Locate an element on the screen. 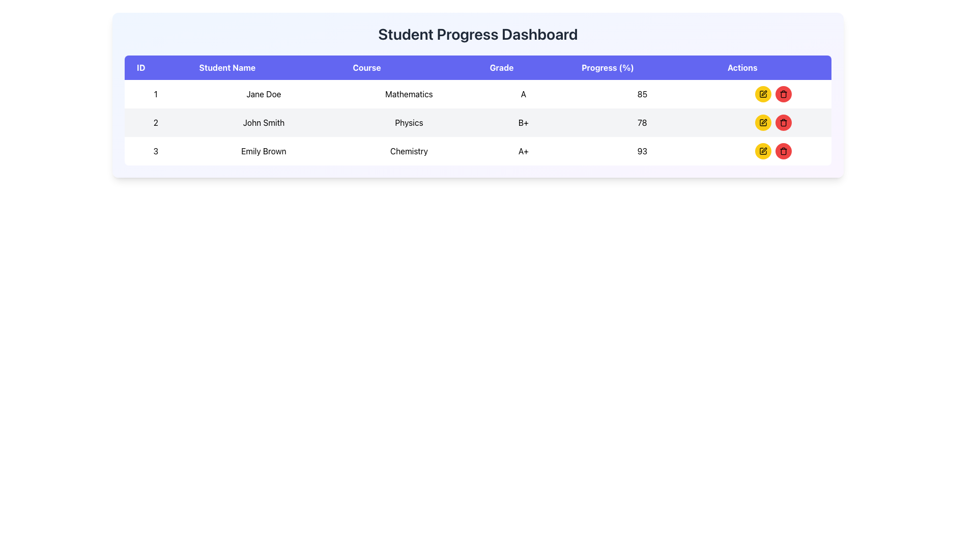 The height and width of the screenshot is (550, 977). the Text Label displaying 'A+' in bold, black font, located in the 'Grade' column corresponding to 'Emily Brown - Chemistry' in the table is located at coordinates (523, 151).